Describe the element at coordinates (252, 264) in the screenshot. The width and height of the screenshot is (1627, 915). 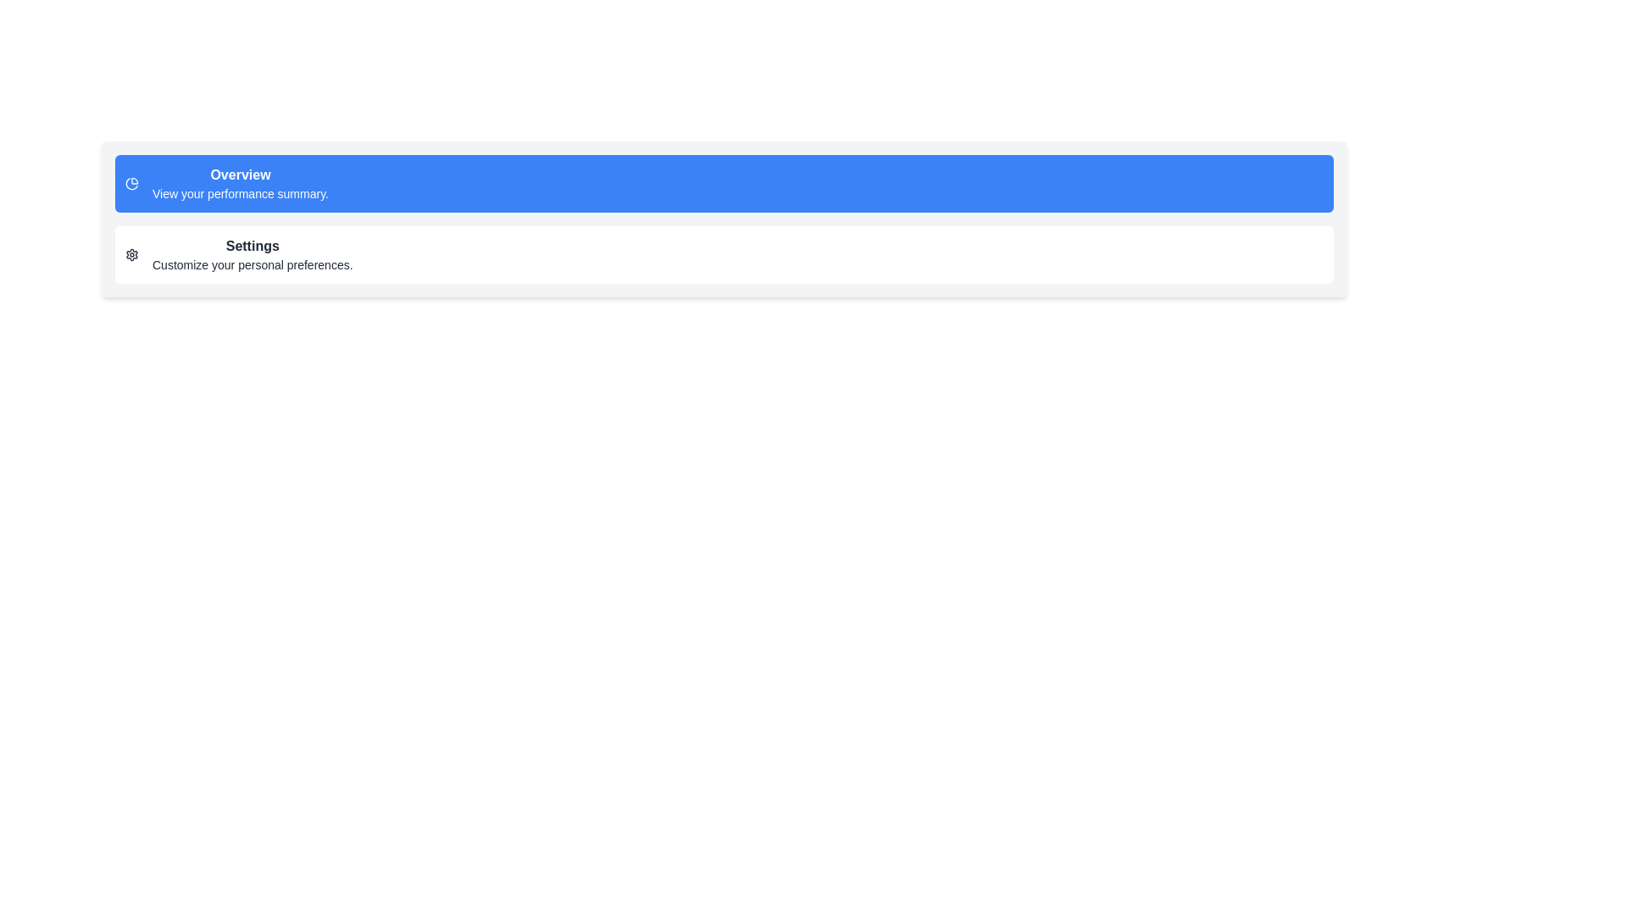
I see `the text label displaying 'Customize your personal preferences.' located directly under the 'Settings' heading` at that location.